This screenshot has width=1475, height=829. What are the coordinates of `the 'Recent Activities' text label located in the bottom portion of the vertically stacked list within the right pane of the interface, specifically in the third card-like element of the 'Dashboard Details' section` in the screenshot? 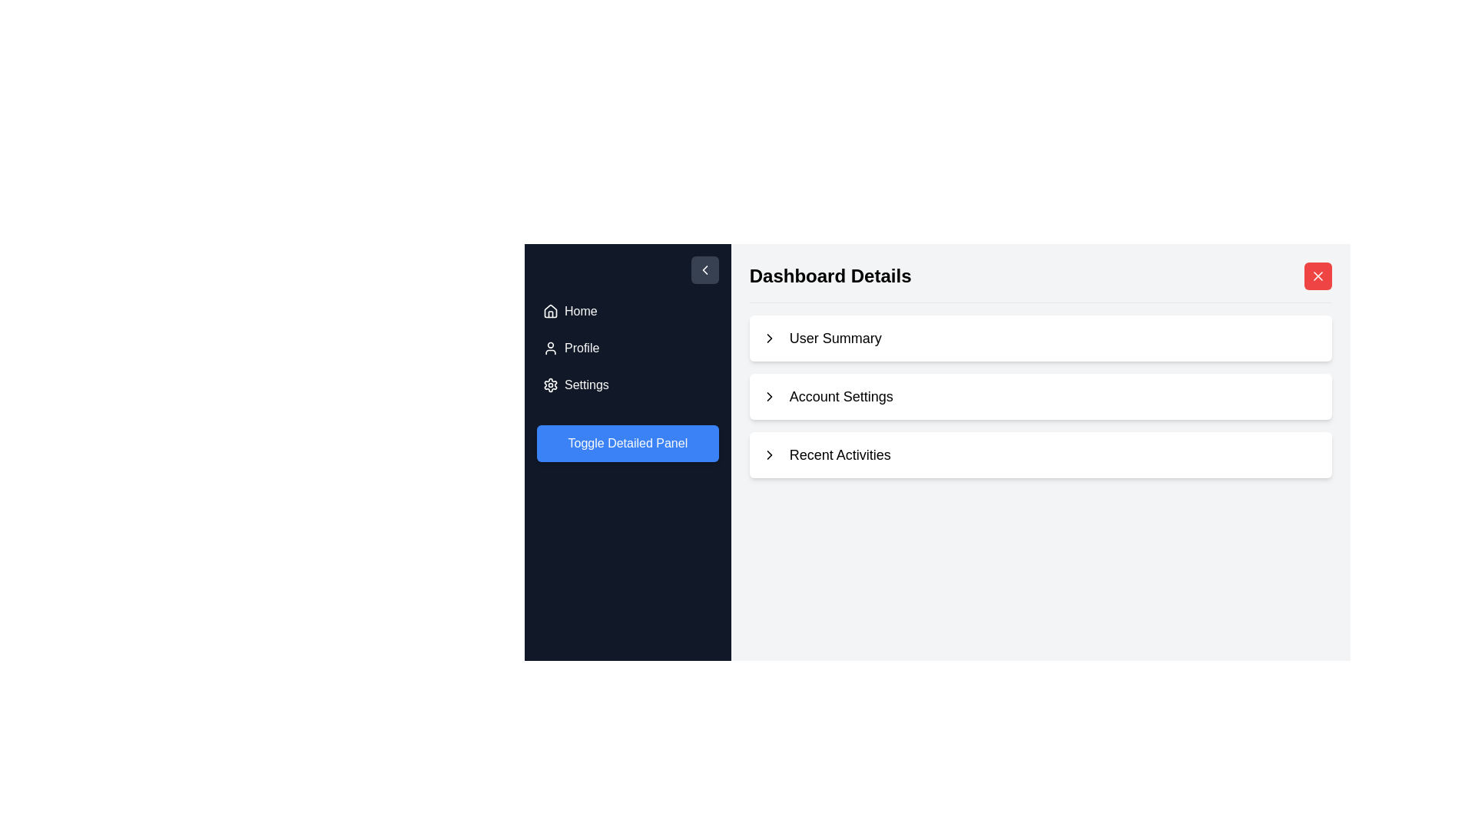 It's located at (839, 454).